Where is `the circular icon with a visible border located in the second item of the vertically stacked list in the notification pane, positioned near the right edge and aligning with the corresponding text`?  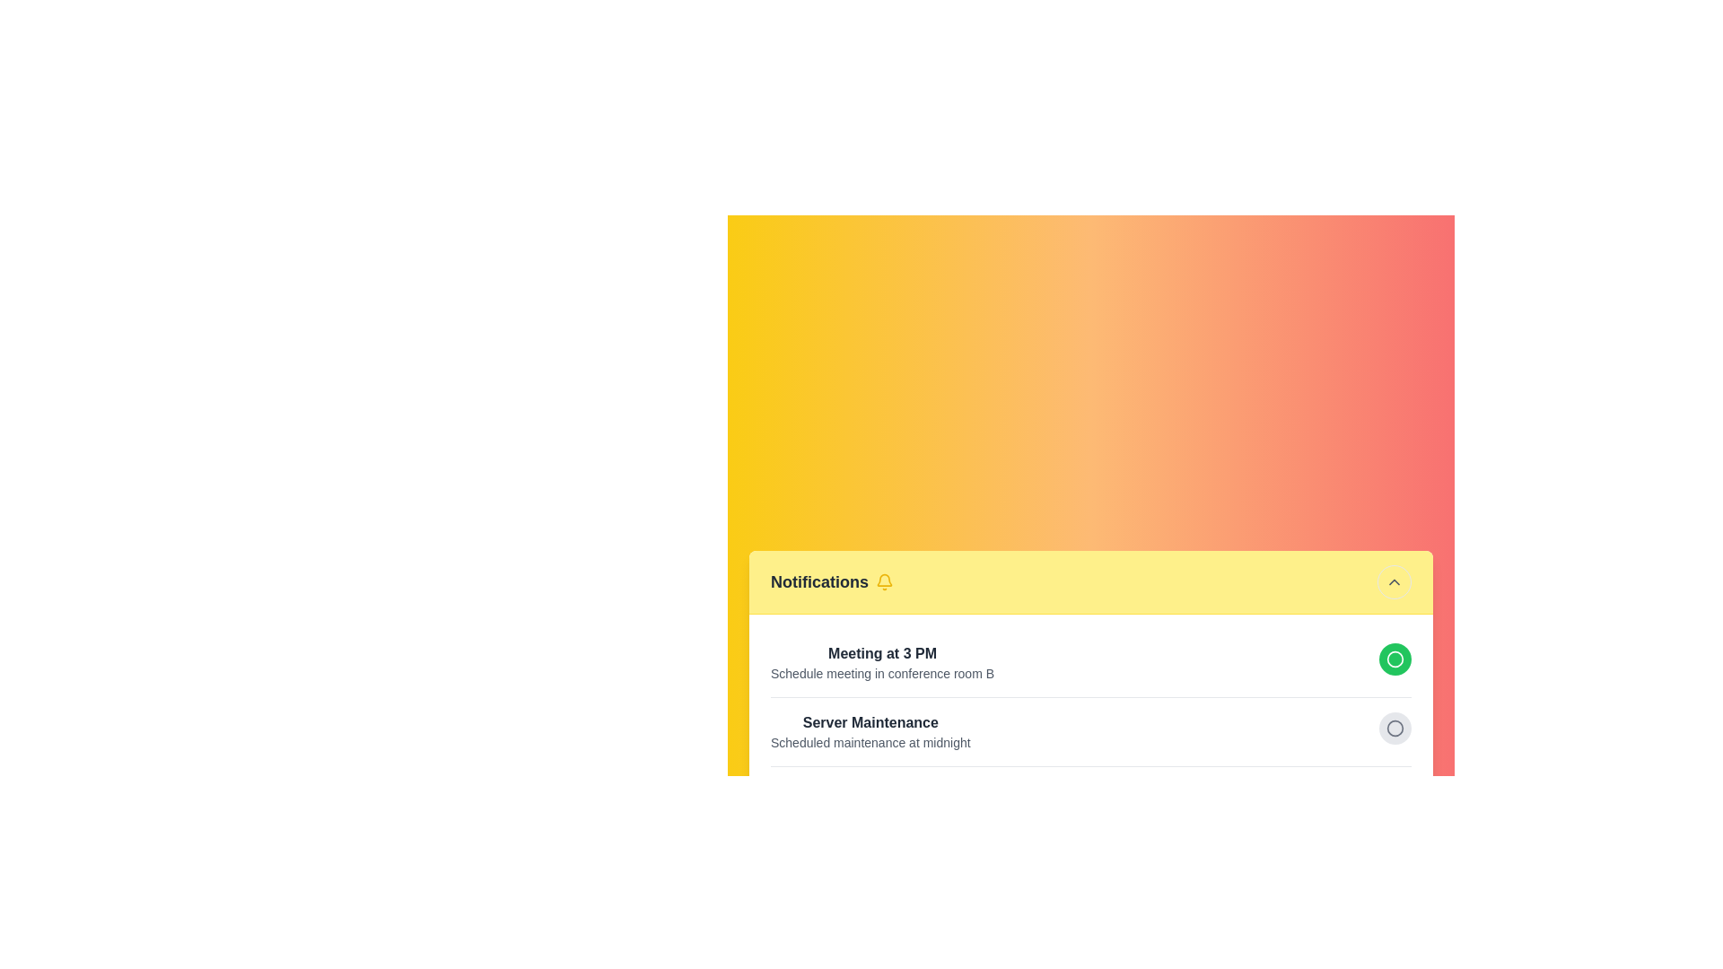 the circular icon with a visible border located in the second item of the vertically stacked list in the notification pane, positioned near the right edge and aligning with the corresponding text is located at coordinates (1395, 659).